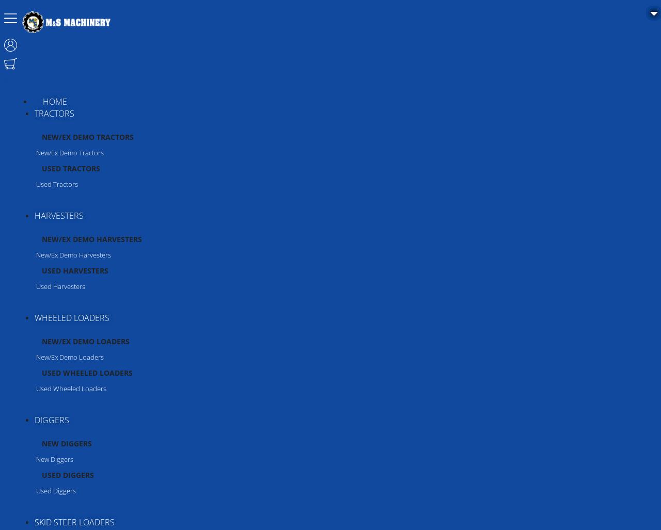 Image resolution: width=661 pixels, height=530 pixels. I want to click on 'Strautmann', so click(56, 400).